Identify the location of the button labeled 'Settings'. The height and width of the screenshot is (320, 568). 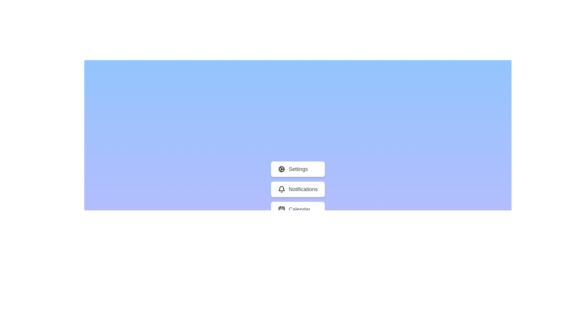
(298, 169).